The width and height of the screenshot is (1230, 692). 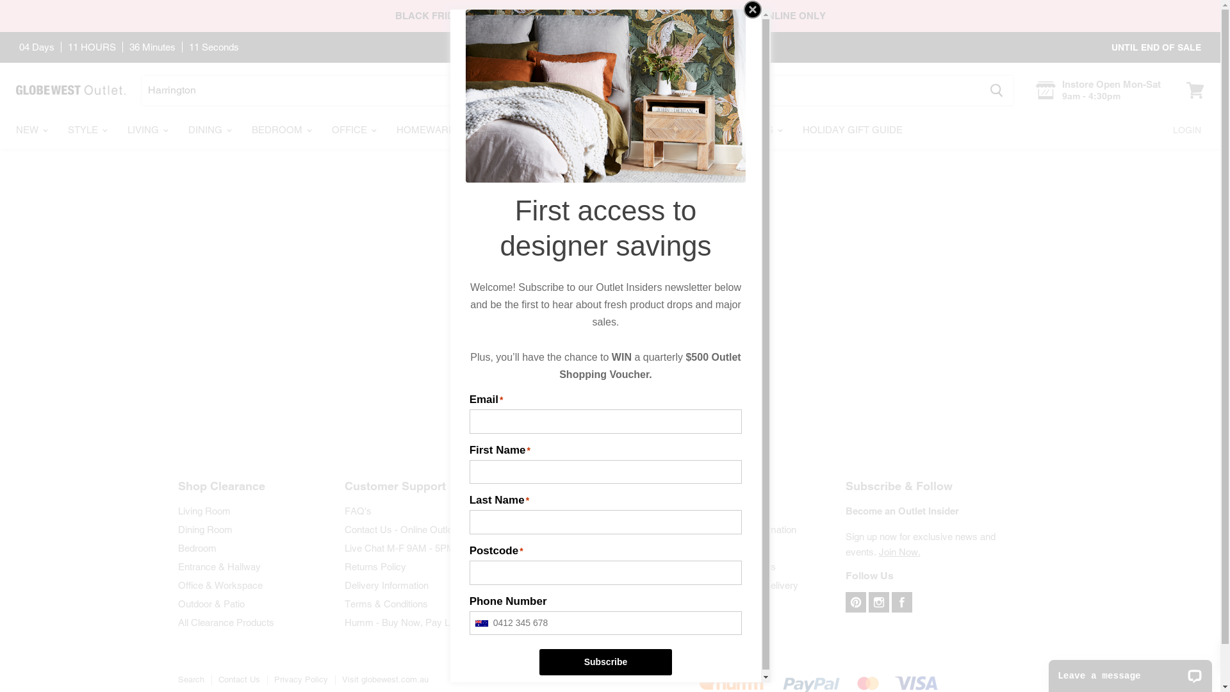 I want to click on 'Delivery Information', so click(x=386, y=585).